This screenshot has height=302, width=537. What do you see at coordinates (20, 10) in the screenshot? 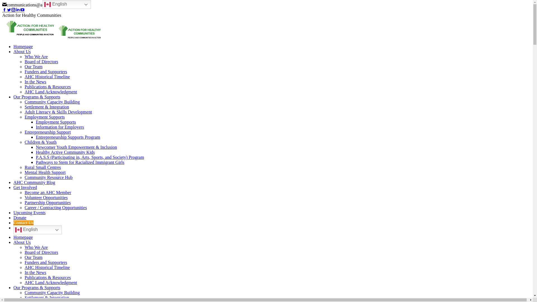
I see `'YouTube page opens in new window'` at bounding box center [20, 10].